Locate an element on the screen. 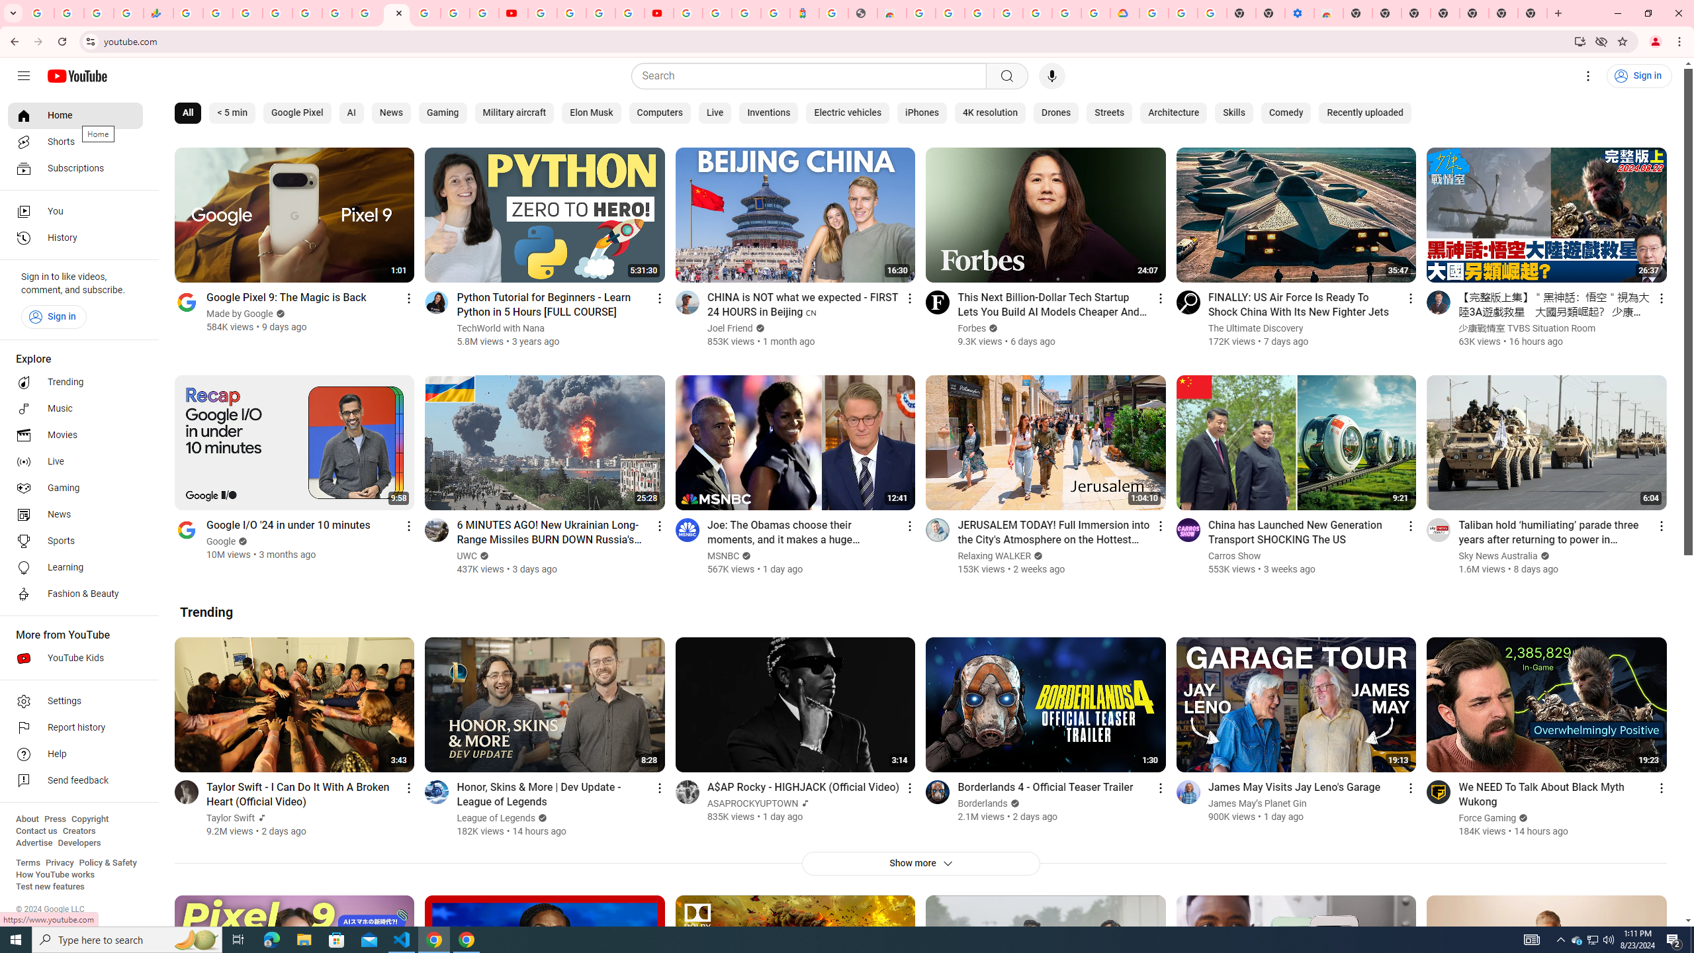 The width and height of the screenshot is (1694, 953). 'New Tab' is located at coordinates (1473, 13).